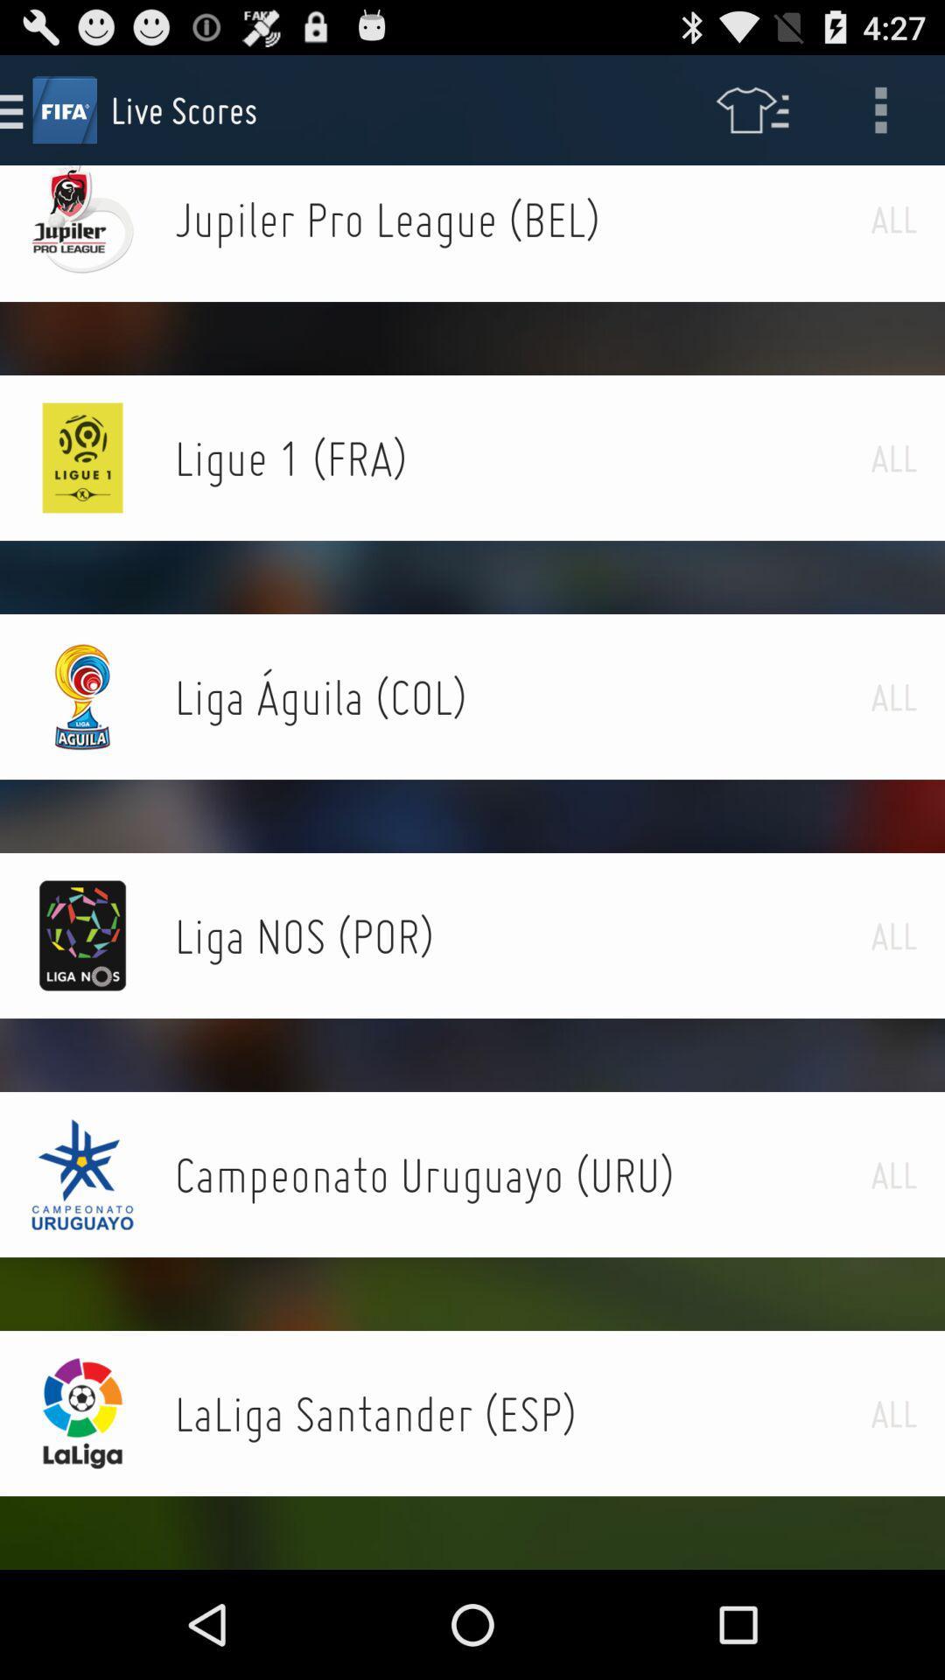 This screenshot has height=1680, width=945. What do you see at coordinates (521, 458) in the screenshot?
I see `the item next to all icon` at bounding box center [521, 458].